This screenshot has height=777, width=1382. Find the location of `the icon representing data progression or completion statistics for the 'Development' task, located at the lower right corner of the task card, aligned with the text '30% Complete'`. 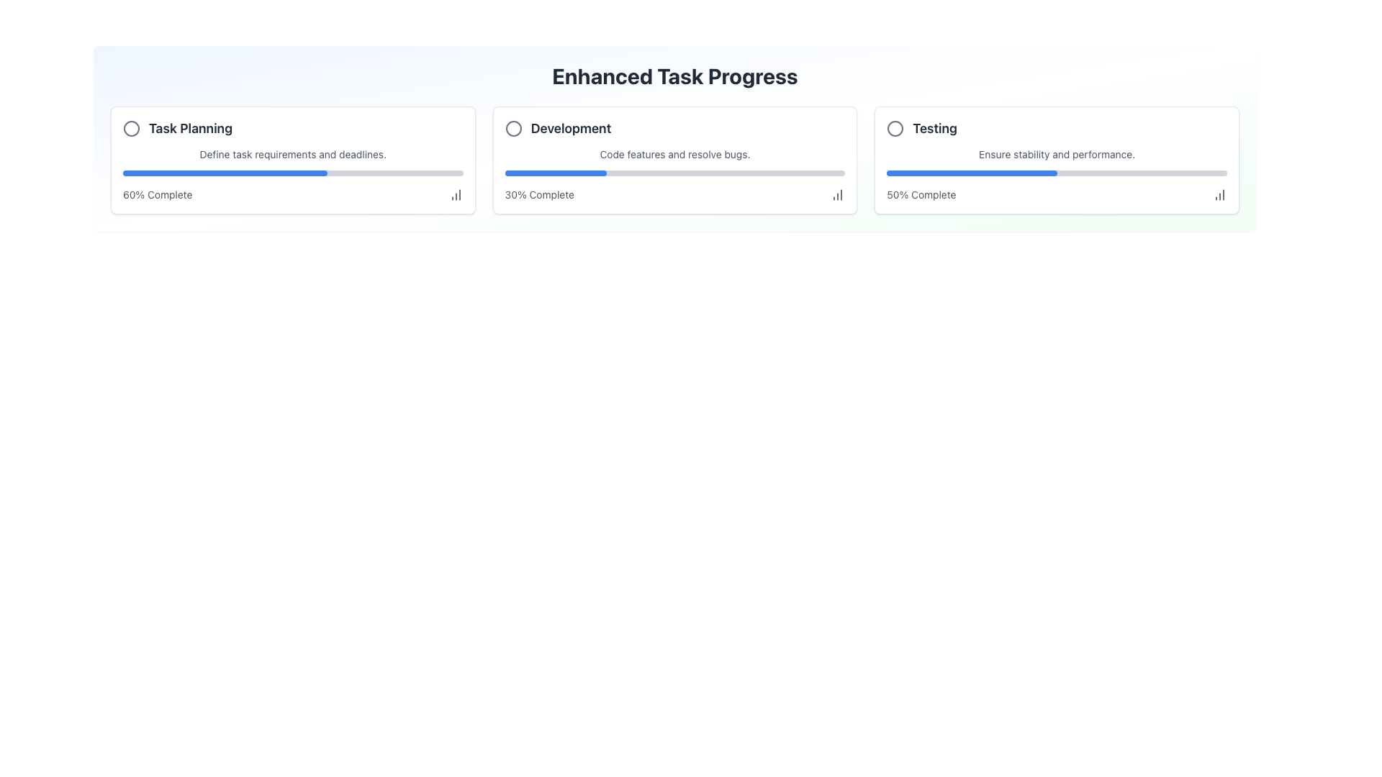

the icon representing data progression or completion statistics for the 'Development' task, located at the lower right corner of the task card, aligned with the text '30% Complete' is located at coordinates (838, 194).